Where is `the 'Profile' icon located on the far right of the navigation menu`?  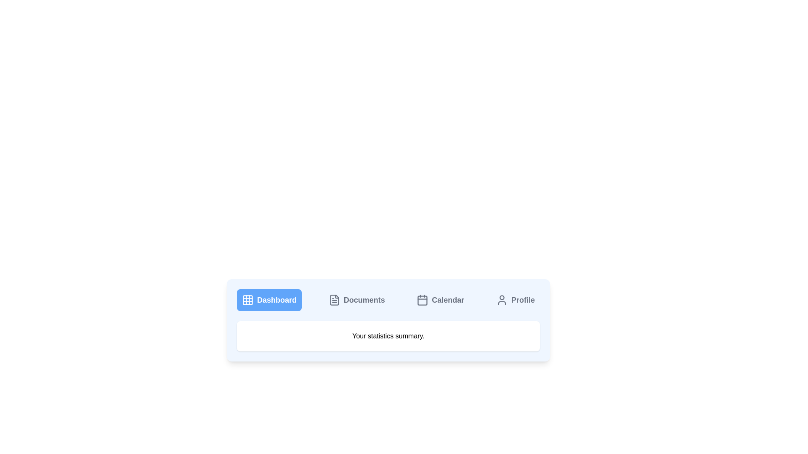 the 'Profile' icon located on the far right of the navigation menu is located at coordinates (502, 299).